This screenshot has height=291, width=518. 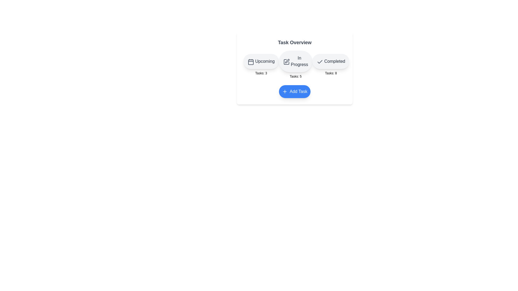 I want to click on the button for the category Completed, so click(x=330, y=61).